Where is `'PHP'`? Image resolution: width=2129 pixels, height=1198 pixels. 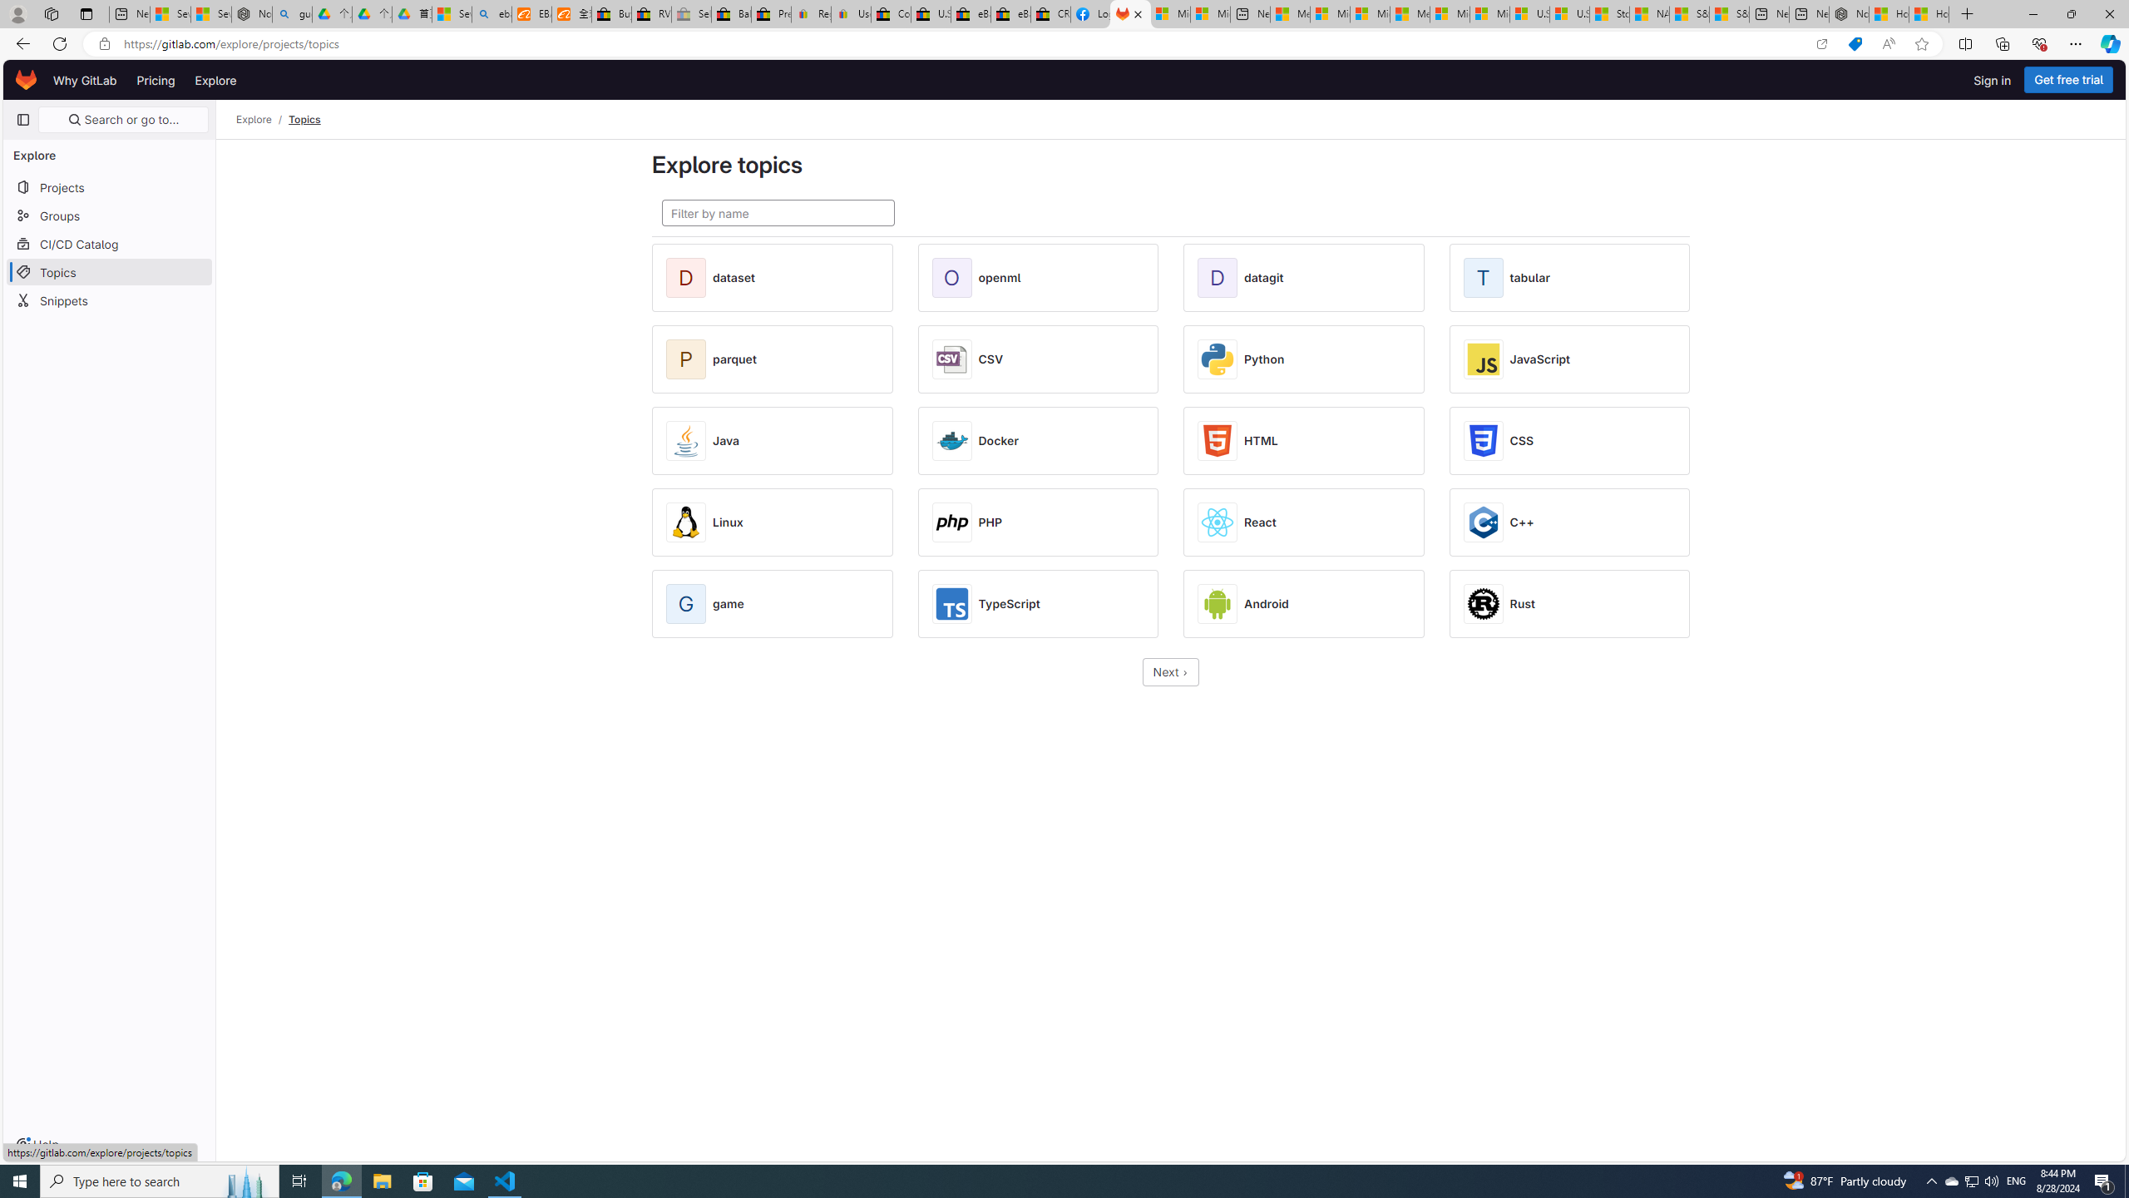 'PHP' is located at coordinates (990, 522).